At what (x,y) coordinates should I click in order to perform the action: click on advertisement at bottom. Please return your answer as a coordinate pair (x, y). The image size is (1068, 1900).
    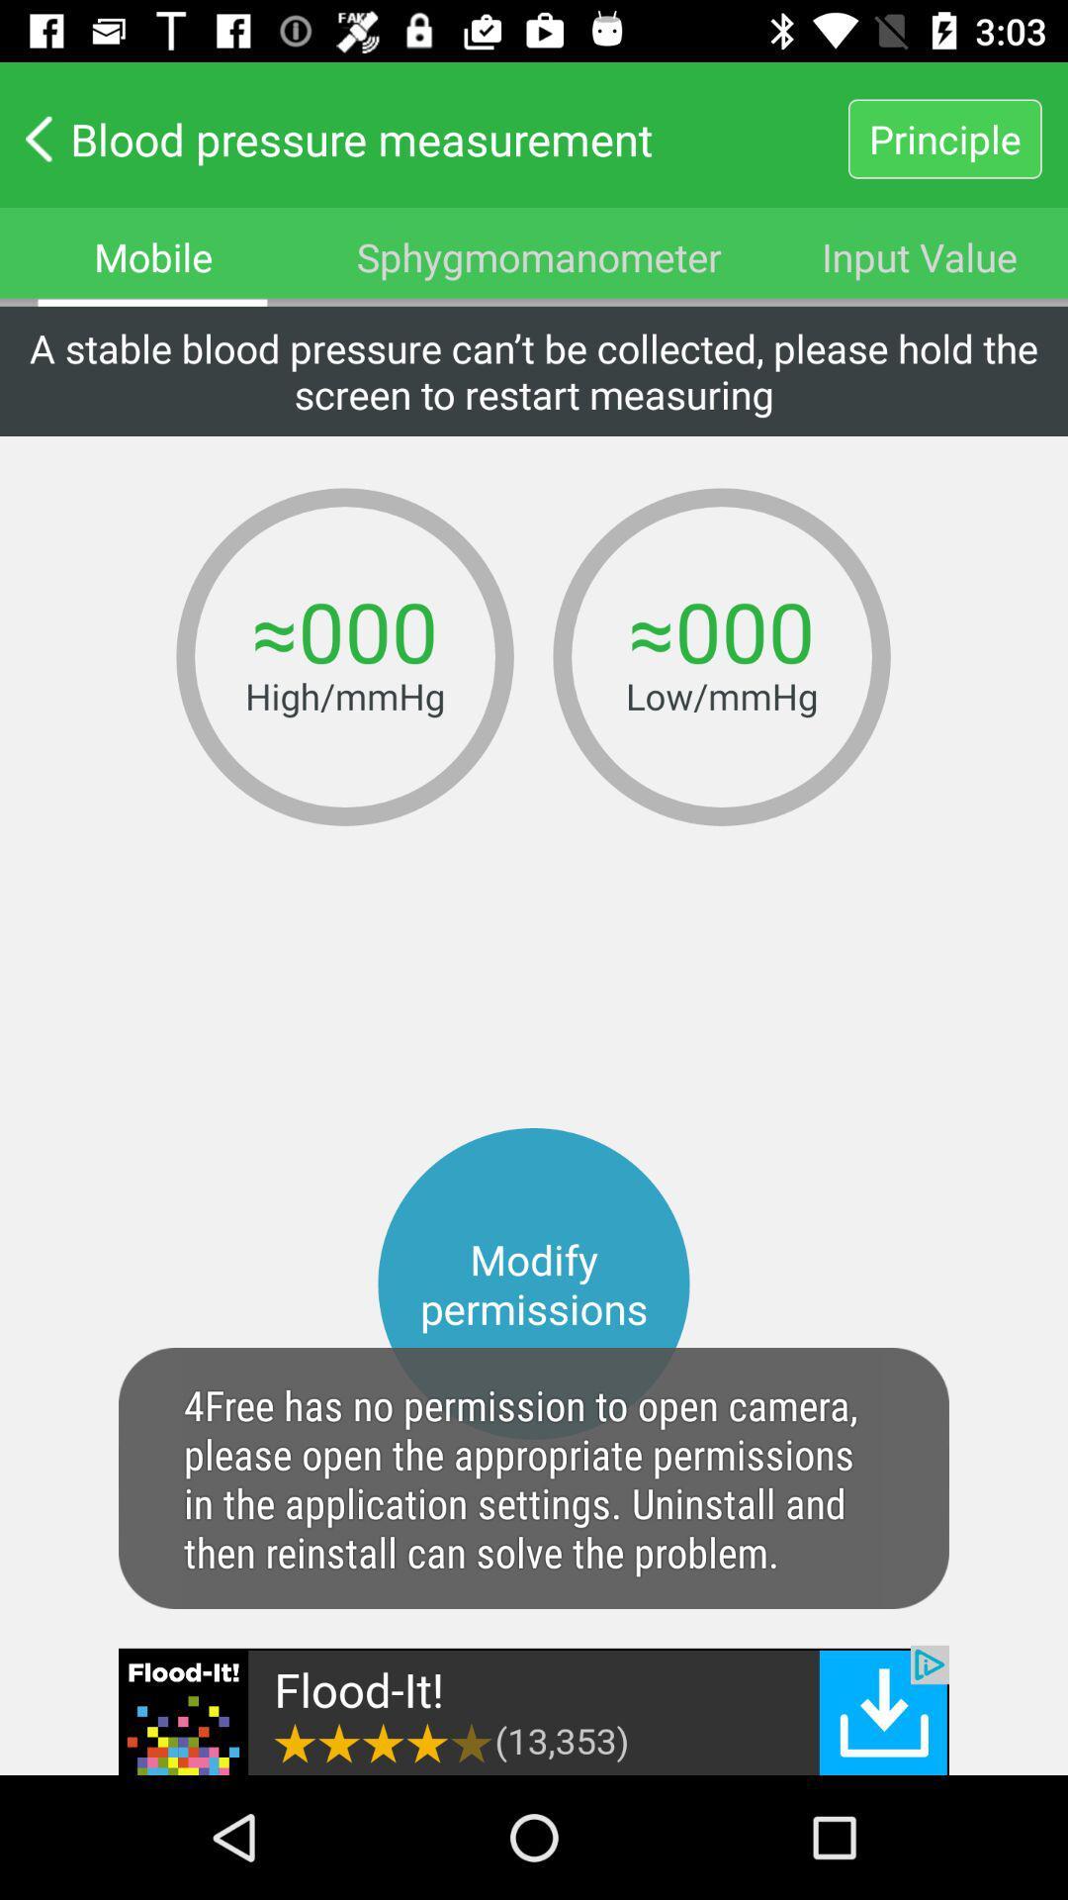
    Looking at the image, I should click on (534, 1709).